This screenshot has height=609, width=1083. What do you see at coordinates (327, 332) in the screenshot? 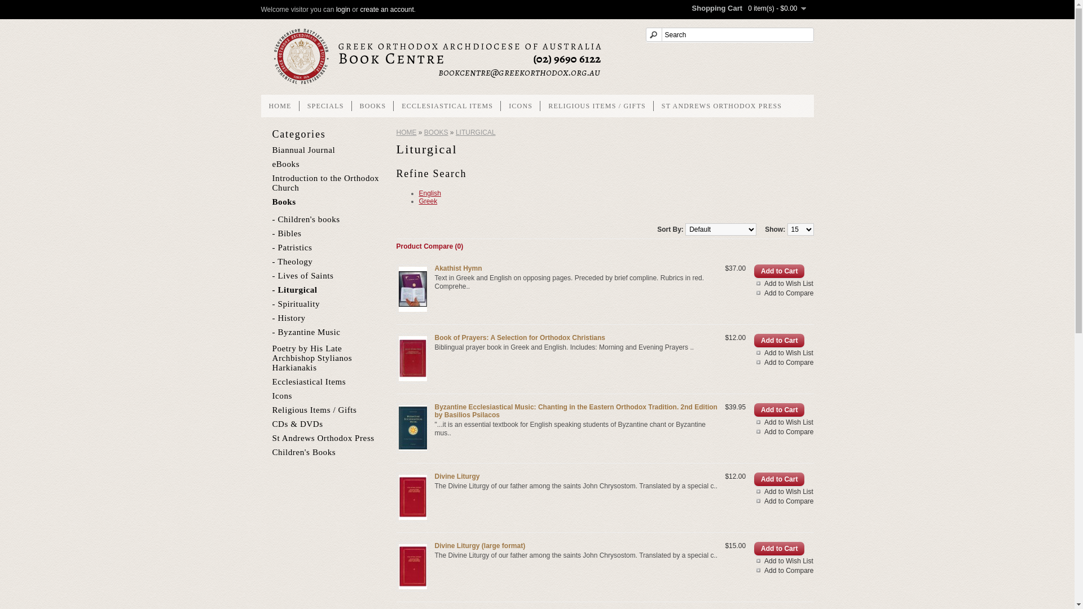
I see `'- Byzantine Music'` at bounding box center [327, 332].